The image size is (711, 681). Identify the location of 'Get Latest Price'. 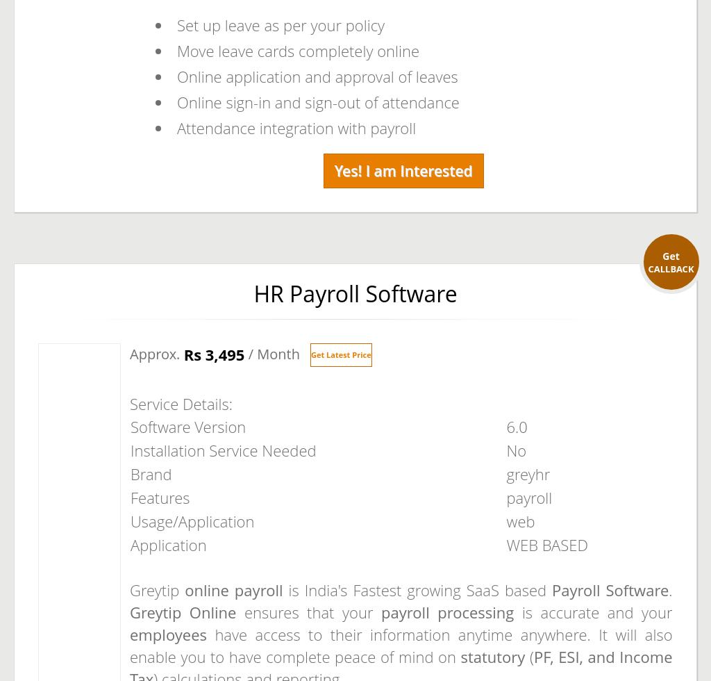
(340, 354).